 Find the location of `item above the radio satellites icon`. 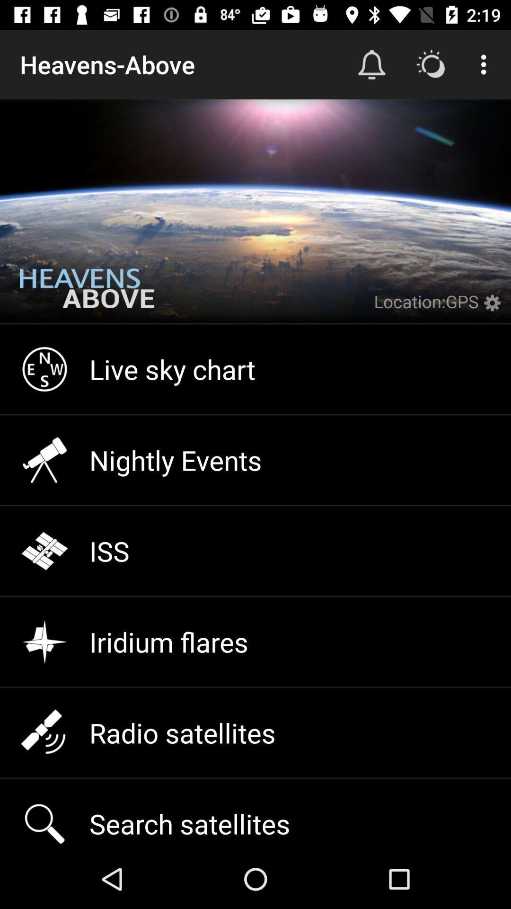

item above the radio satellites icon is located at coordinates (255, 642).